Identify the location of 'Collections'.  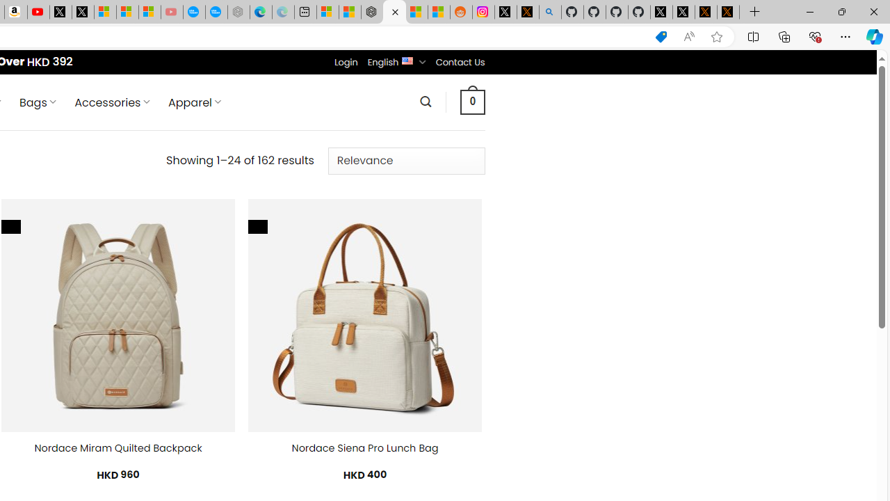
(784, 35).